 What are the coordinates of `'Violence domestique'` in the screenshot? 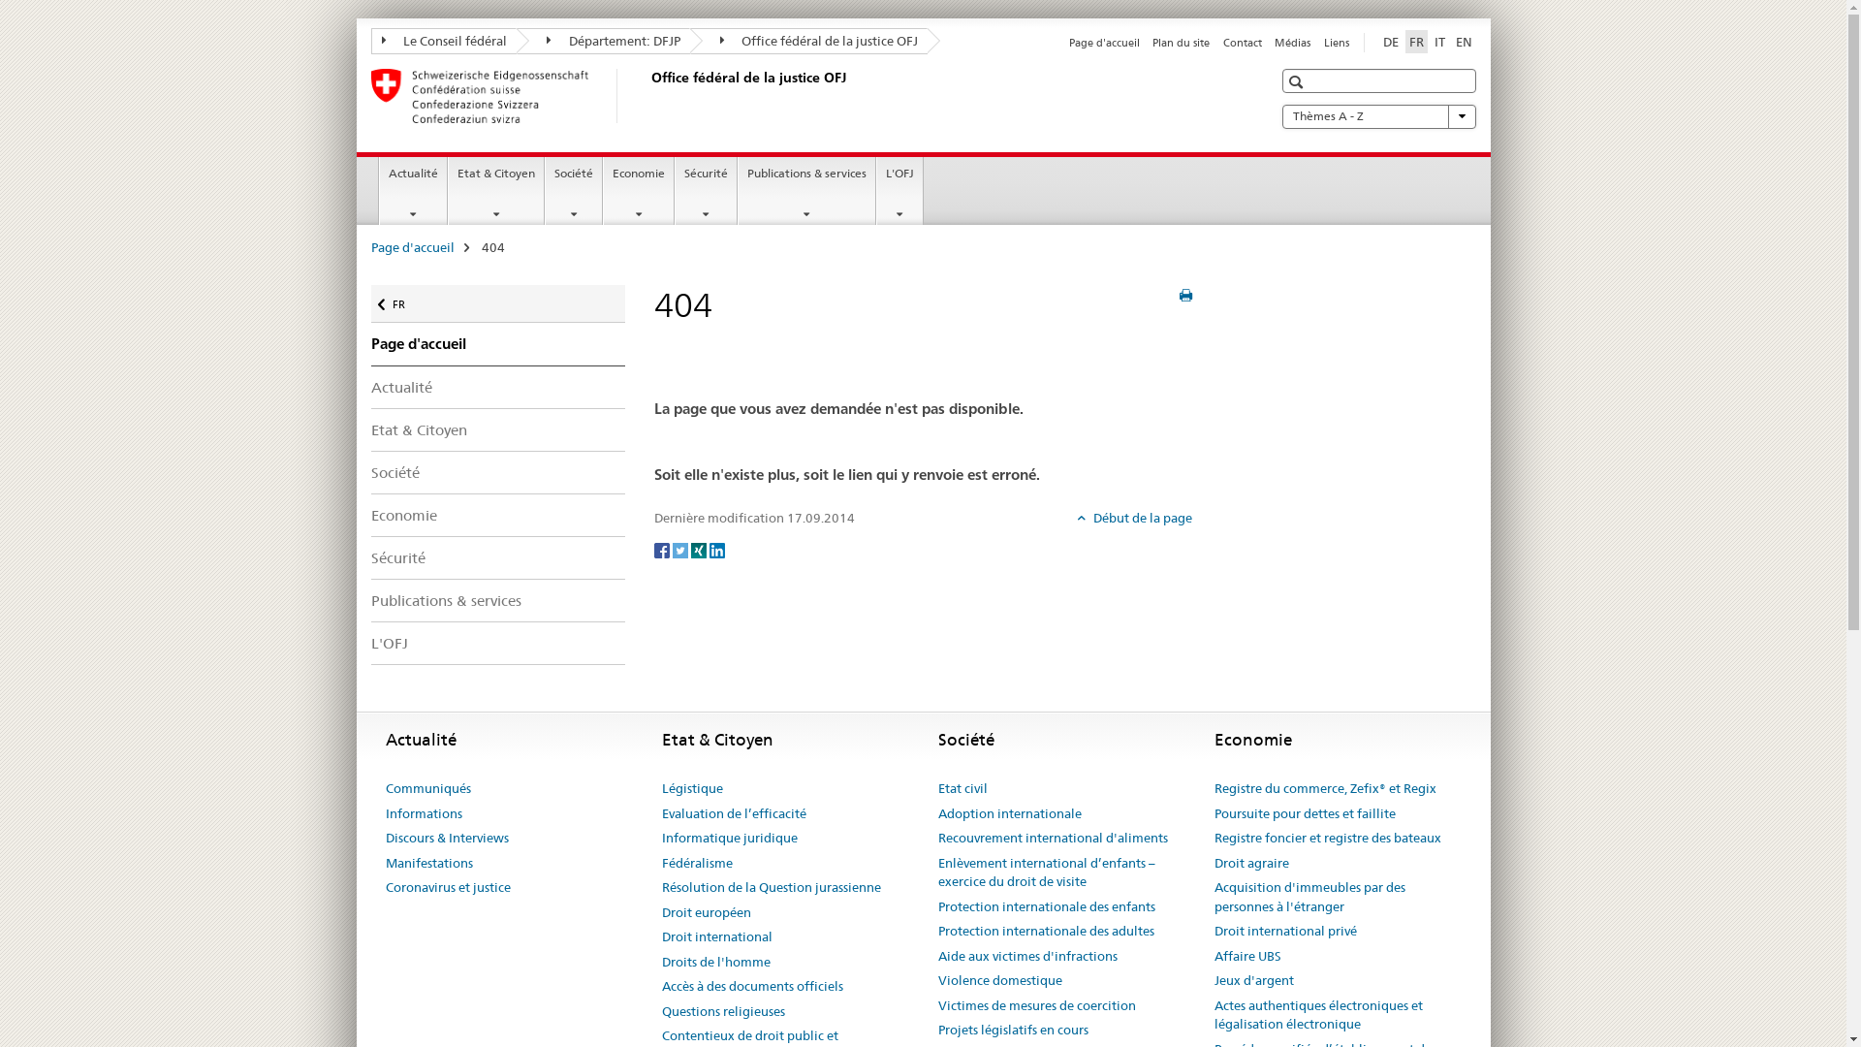 It's located at (1000, 980).